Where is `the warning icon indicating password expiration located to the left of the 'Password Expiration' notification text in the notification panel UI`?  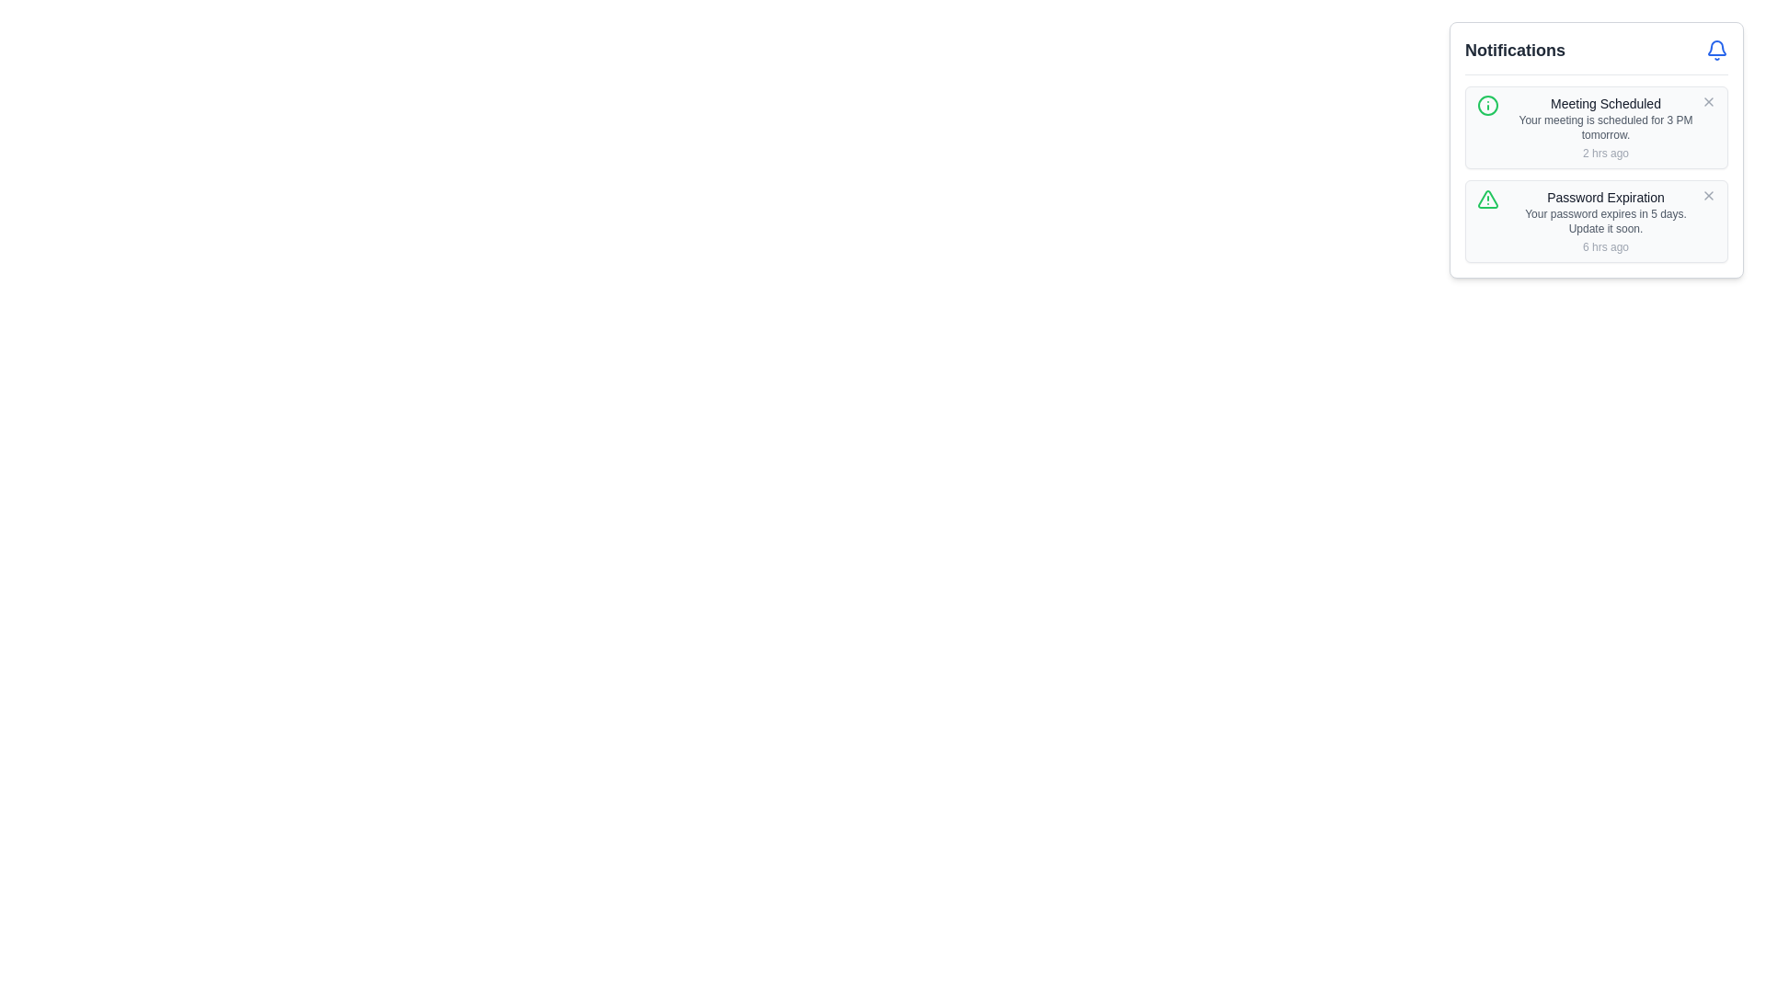 the warning icon indicating password expiration located to the left of the 'Password Expiration' notification text in the notification panel UI is located at coordinates (1487, 199).